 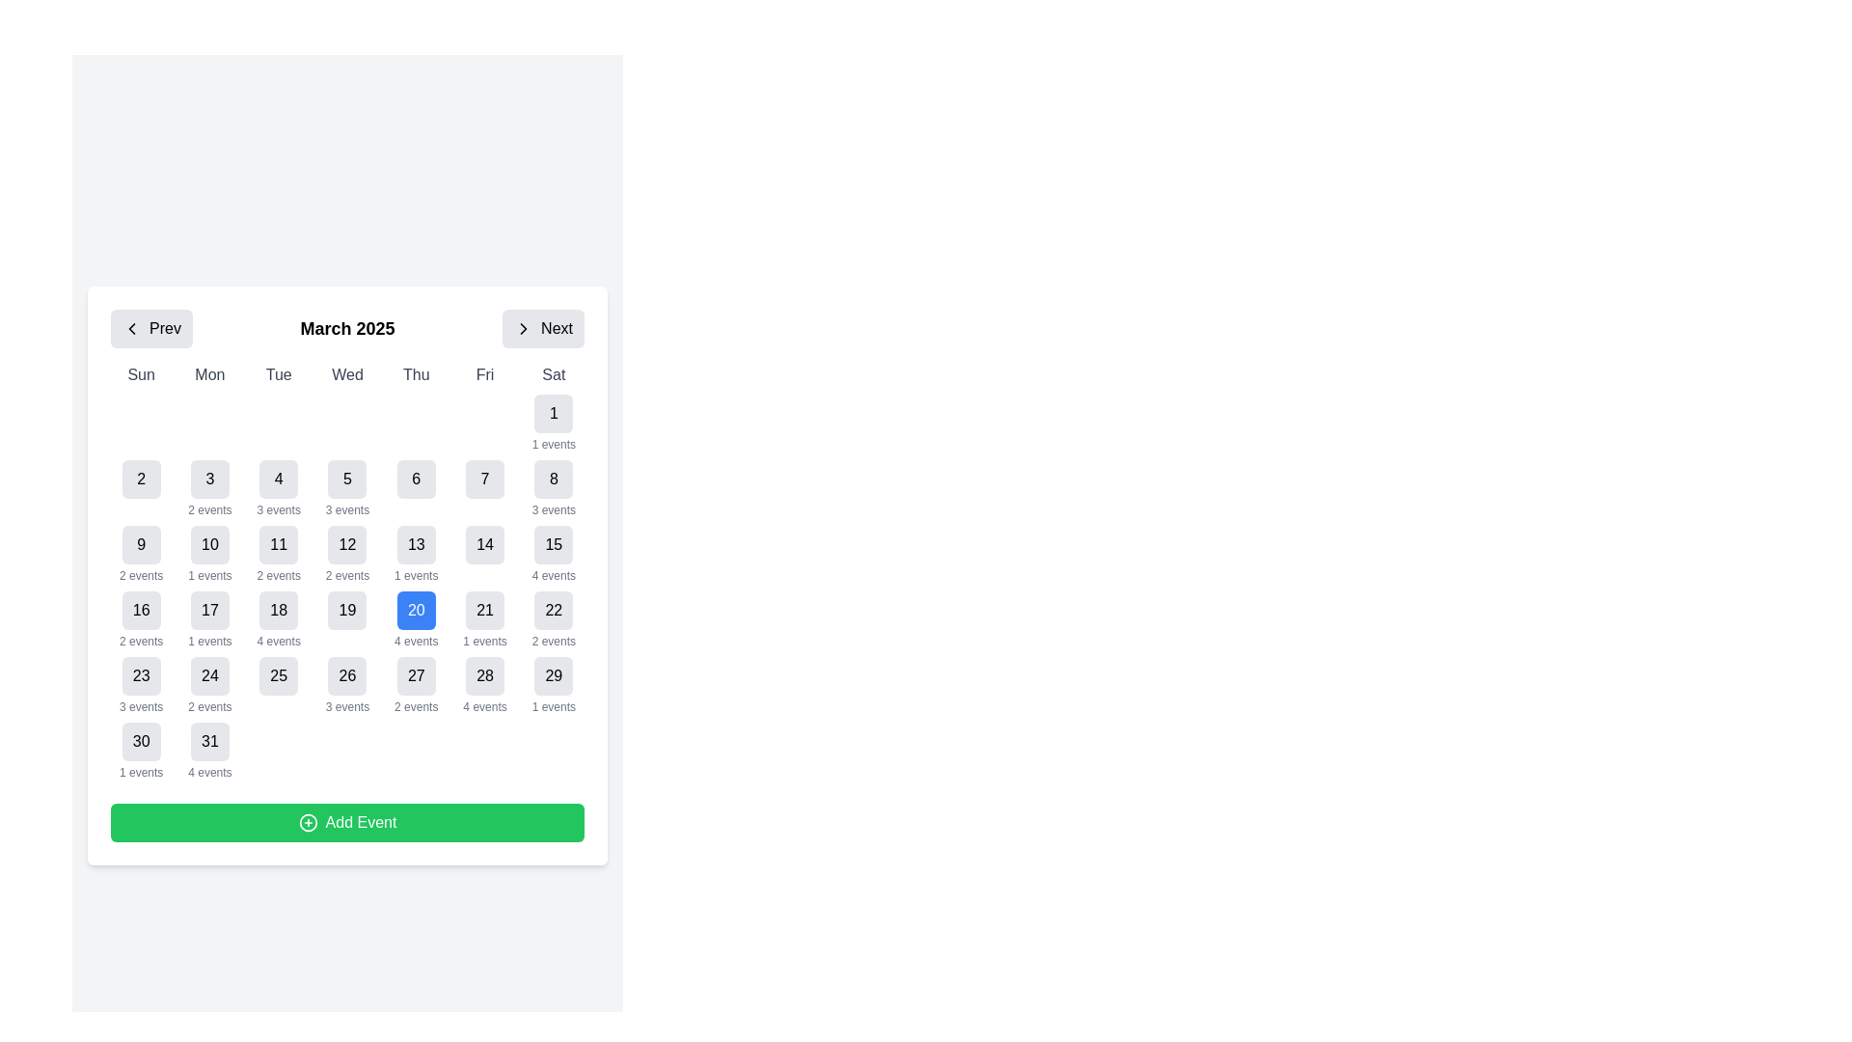 What do you see at coordinates (209, 706) in the screenshot?
I see `the Text Label that displays the number of events for the calendar date '24', located in the fifth row and third column of the calendar grid` at bounding box center [209, 706].